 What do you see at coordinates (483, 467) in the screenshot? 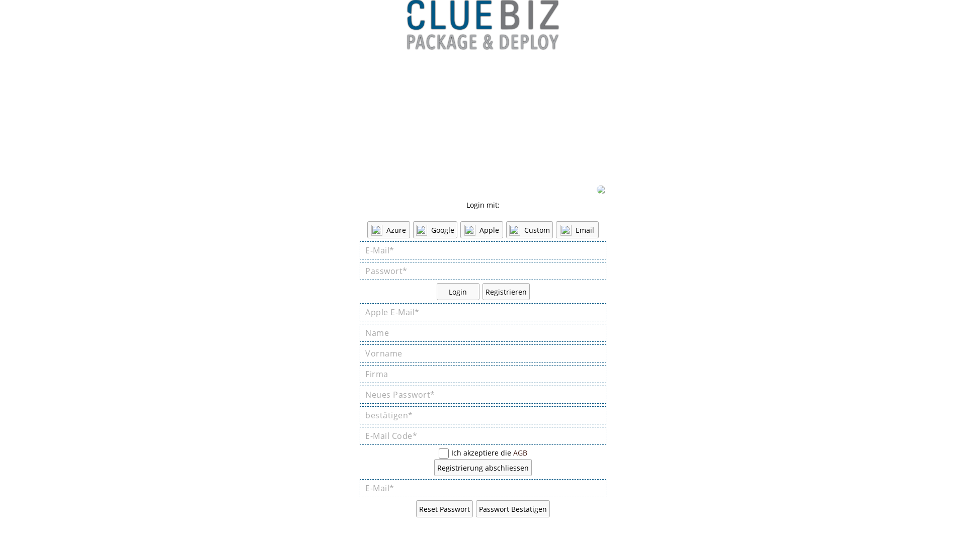
I see `'Registrierung abschliessen'` at bounding box center [483, 467].